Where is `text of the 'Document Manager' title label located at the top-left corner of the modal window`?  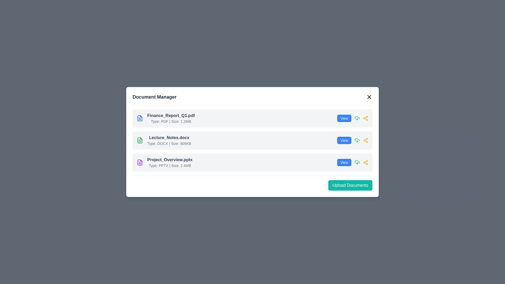 text of the 'Document Manager' title label located at the top-left corner of the modal window is located at coordinates (154, 97).